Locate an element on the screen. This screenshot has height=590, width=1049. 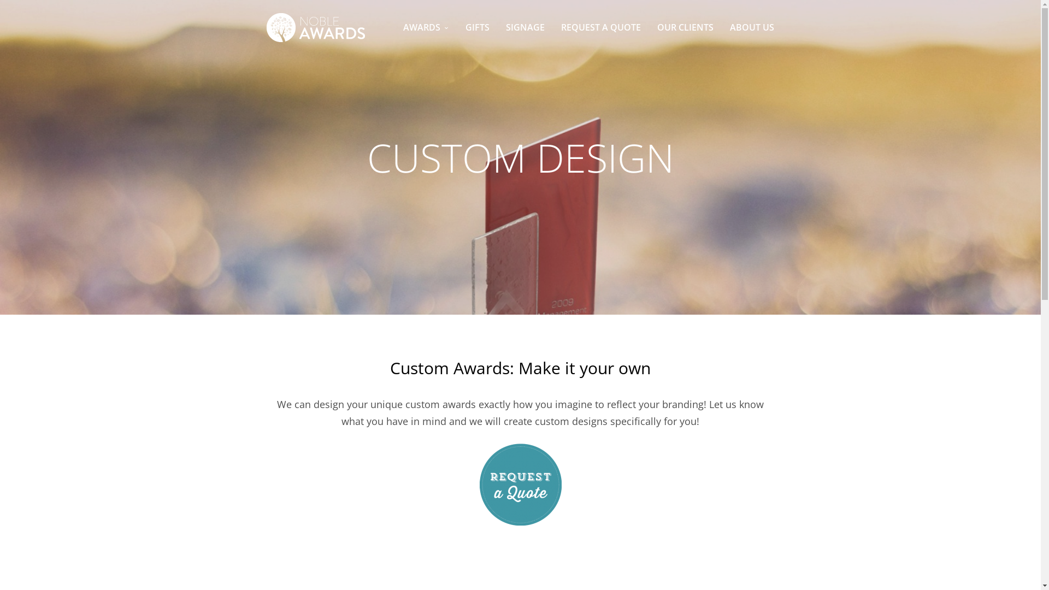
'REQUEST A QUOTE' is located at coordinates (600, 27).